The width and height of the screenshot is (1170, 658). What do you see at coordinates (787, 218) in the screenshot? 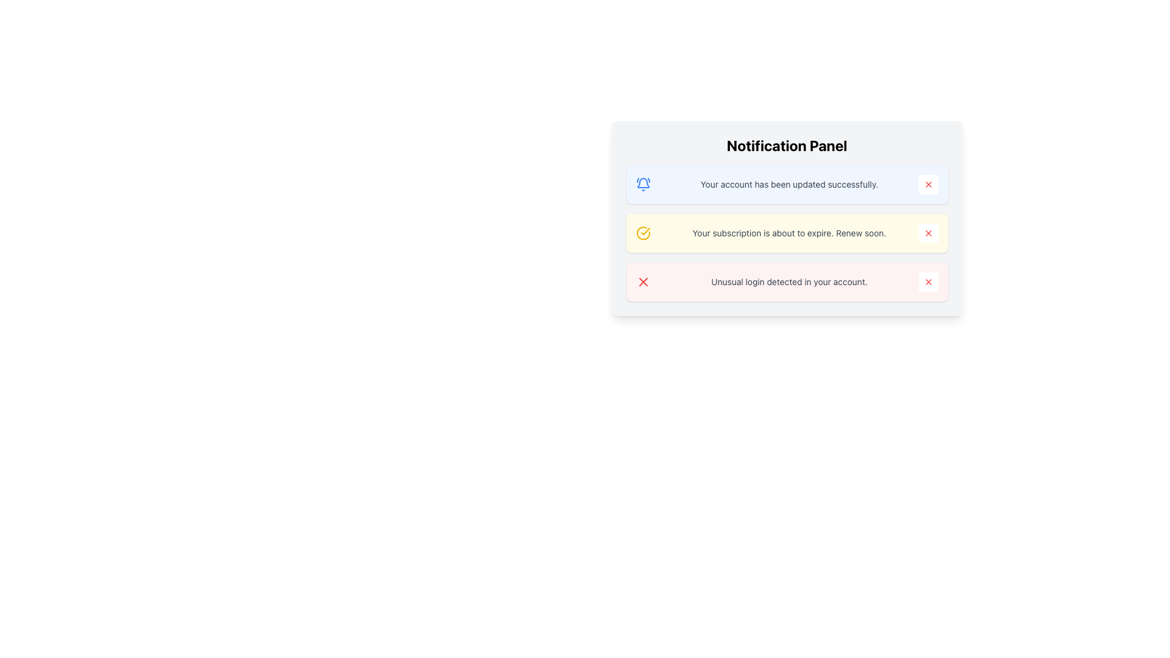
I see `the second notification box in the Notification Panel` at bounding box center [787, 218].